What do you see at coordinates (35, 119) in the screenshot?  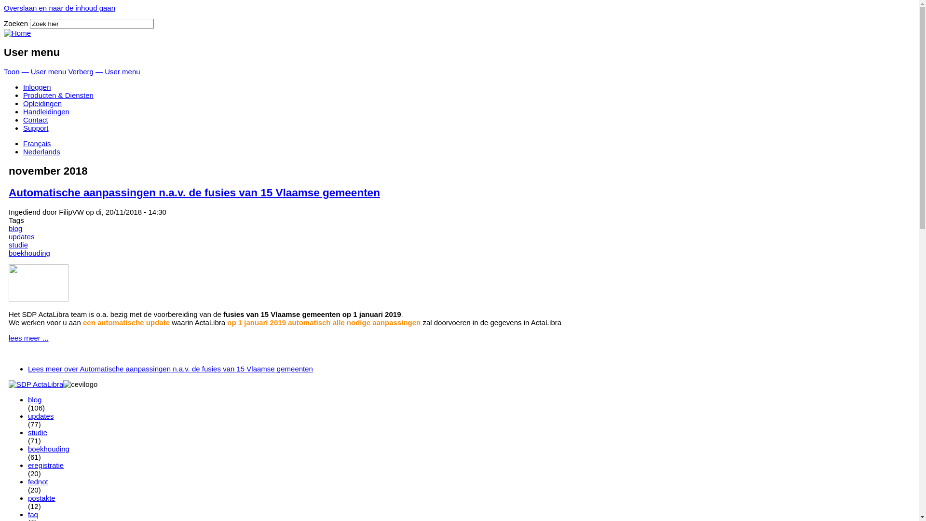 I see `'Contact'` at bounding box center [35, 119].